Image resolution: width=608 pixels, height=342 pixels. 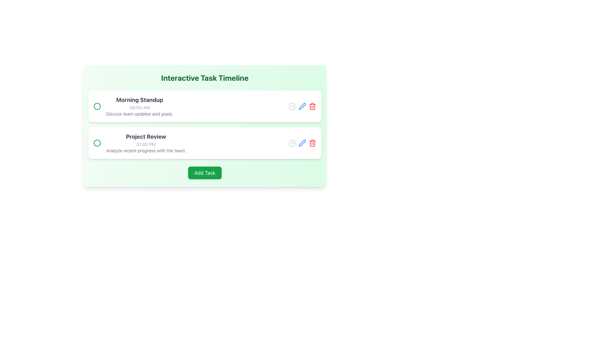 What do you see at coordinates (313, 143) in the screenshot?
I see `the red trash bin icon, which serves as the delete button for the associated task in the Interactive Task Timeline` at bounding box center [313, 143].